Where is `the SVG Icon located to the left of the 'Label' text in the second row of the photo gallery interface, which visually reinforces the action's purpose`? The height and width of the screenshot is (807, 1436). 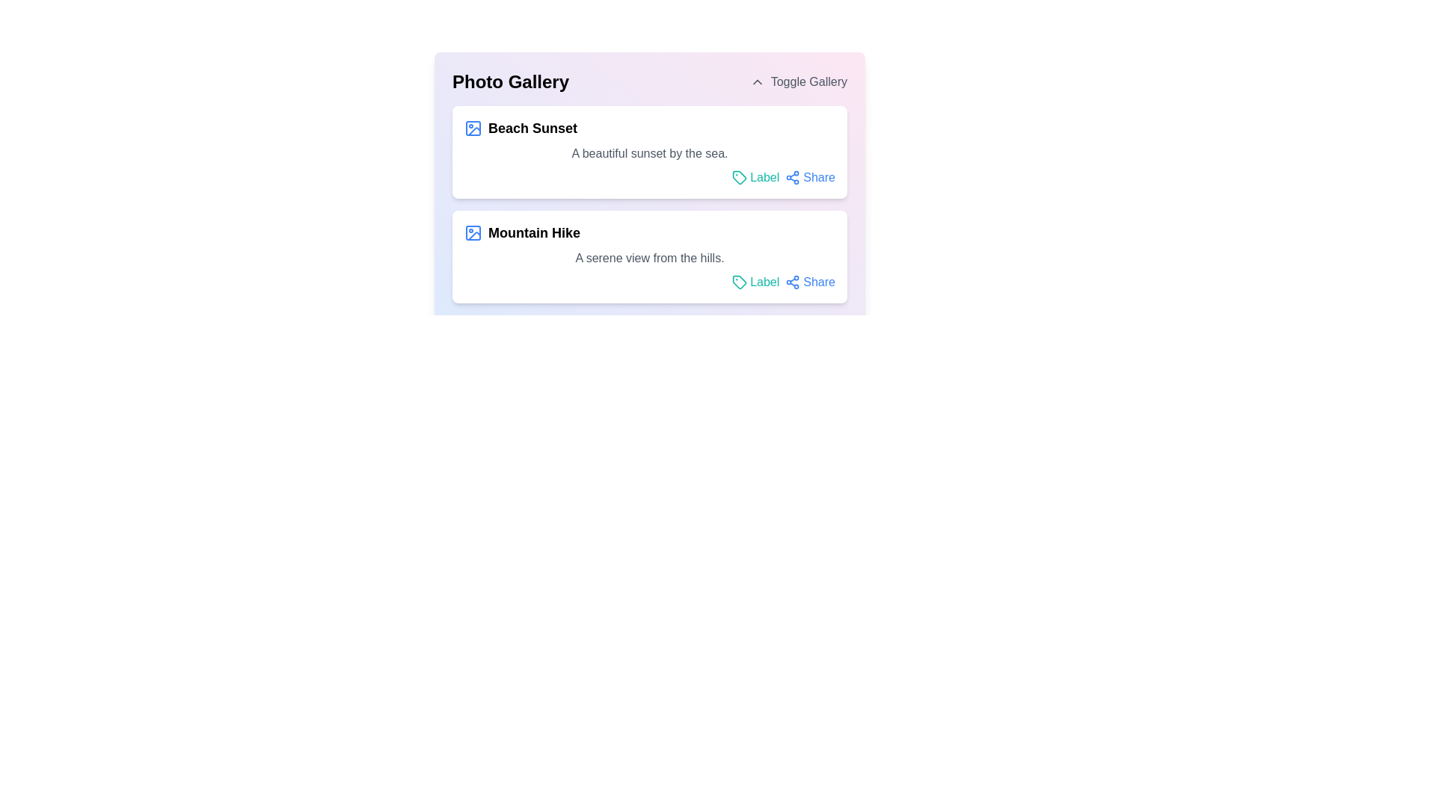
the SVG Icon located to the left of the 'Label' text in the second row of the photo gallery interface, which visually reinforces the action's purpose is located at coordinates (740, 282).